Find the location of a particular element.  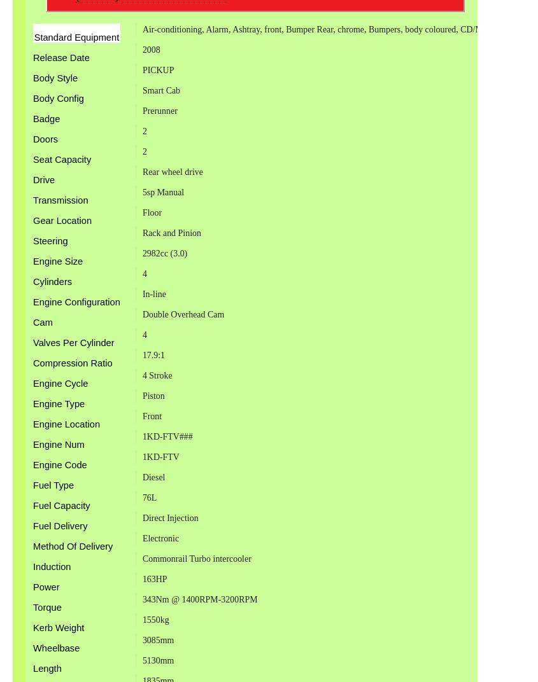

'Fuel Type' is located at coordinates (52, 485).